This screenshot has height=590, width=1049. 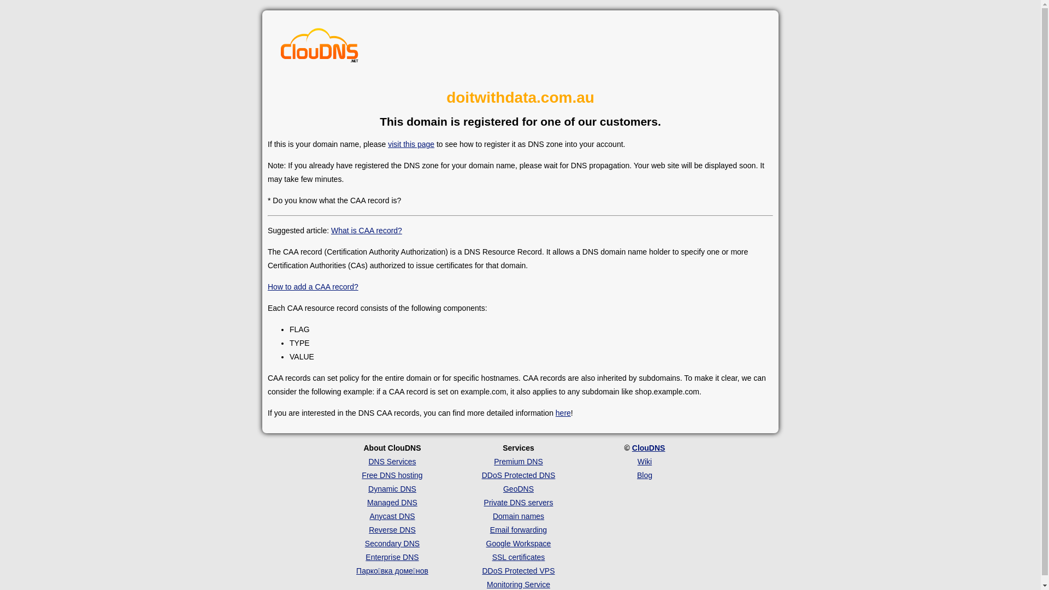 What do you see at coordinates (517, 570) in the screenshot?
I see `'DDoS Protected VPS'` at bounding box center [517, 570].